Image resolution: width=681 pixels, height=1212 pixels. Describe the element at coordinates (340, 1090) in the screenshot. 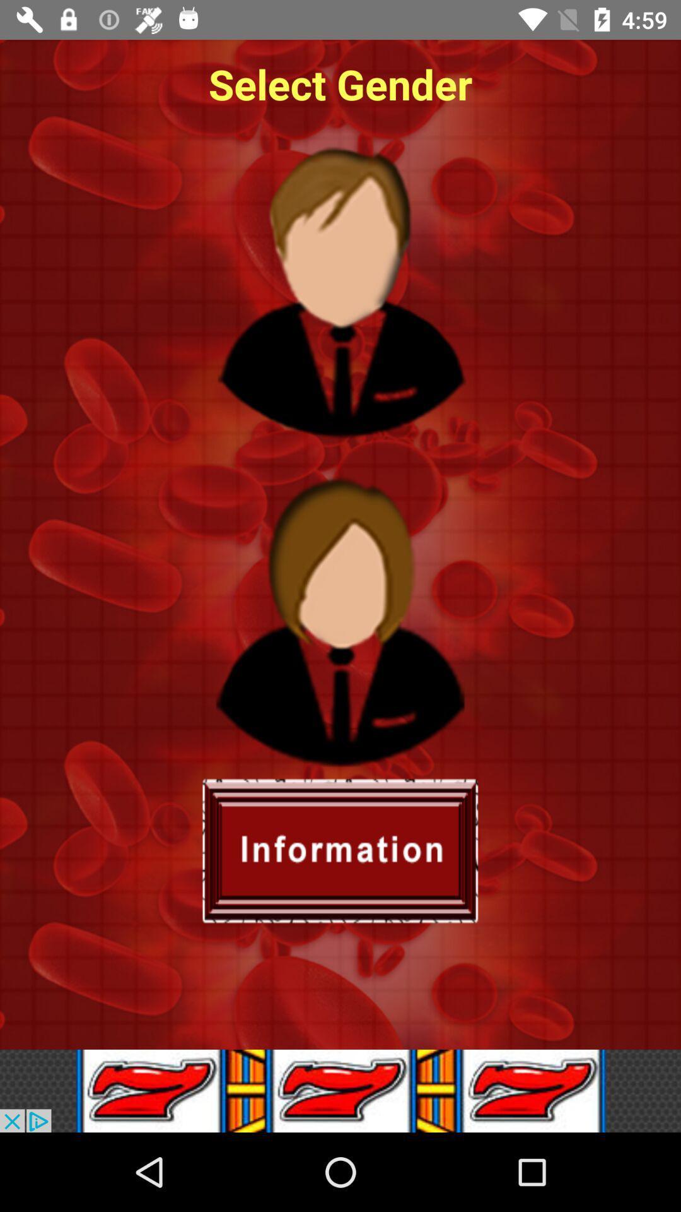

I see `advertisement link` at that location.